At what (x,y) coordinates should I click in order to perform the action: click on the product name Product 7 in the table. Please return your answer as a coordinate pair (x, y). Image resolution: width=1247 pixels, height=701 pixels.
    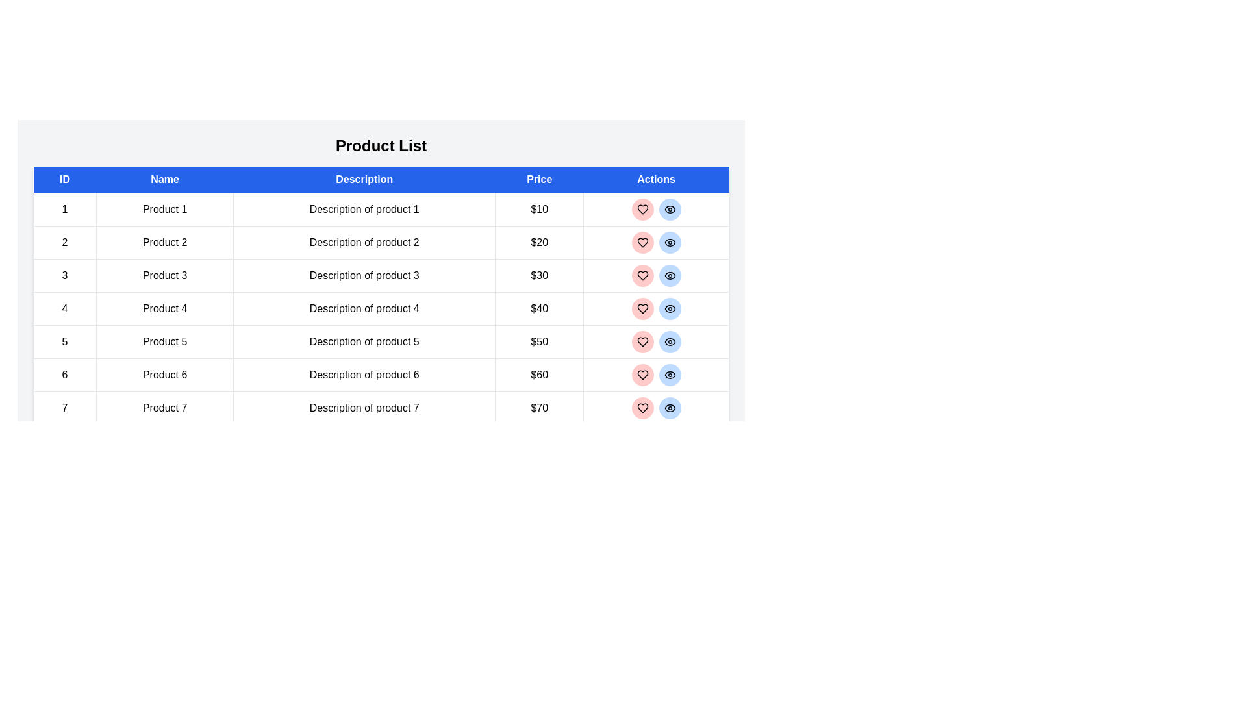
    Looking at the image, I should click on (164, 407).